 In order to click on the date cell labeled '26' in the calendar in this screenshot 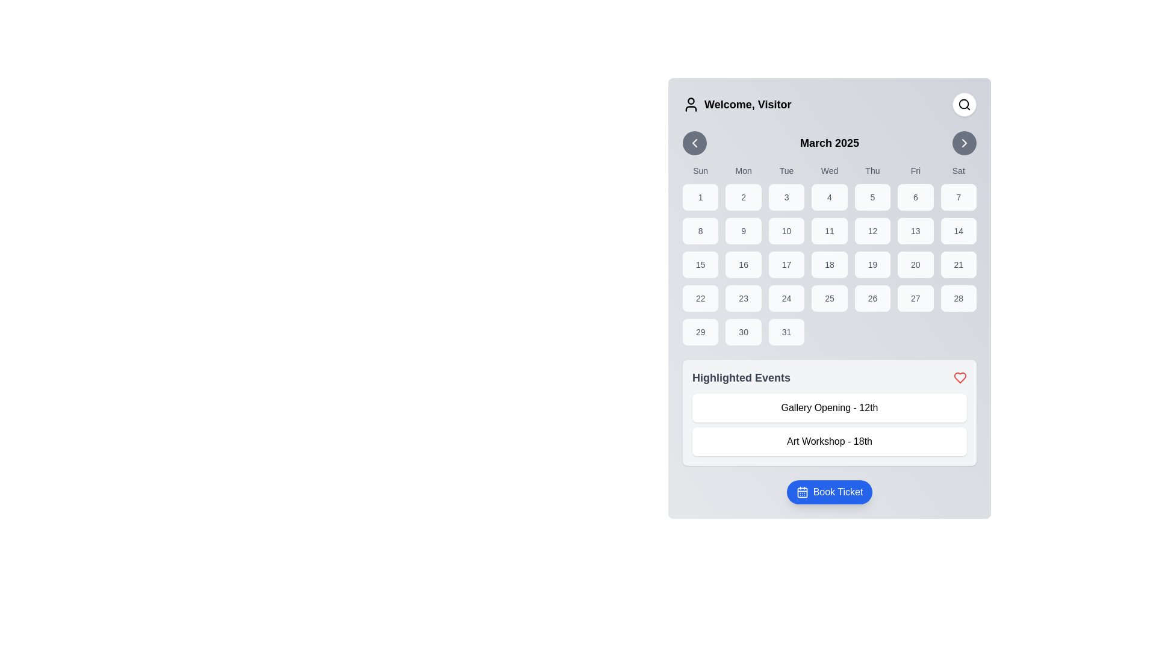, I will do `click(872, 298)`.